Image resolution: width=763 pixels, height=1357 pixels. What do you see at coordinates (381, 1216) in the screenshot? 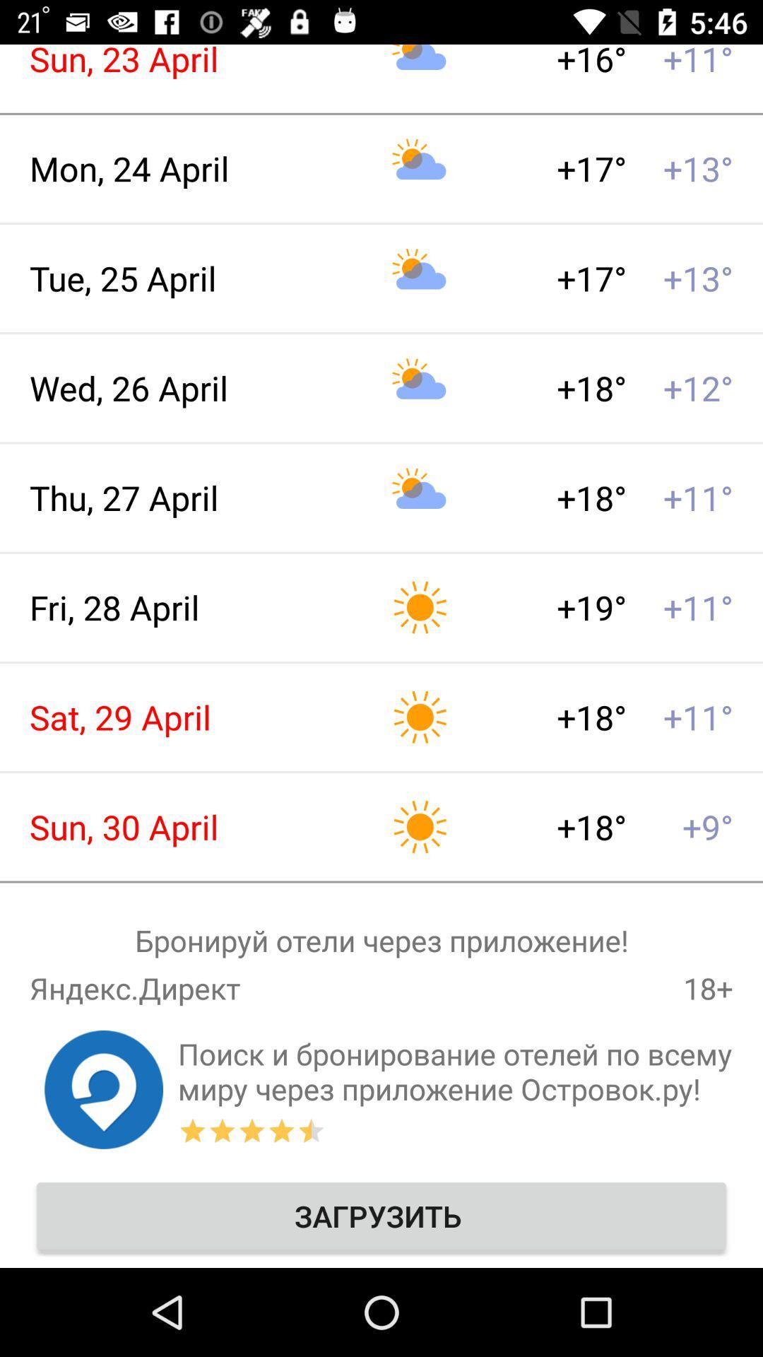
I see `the option which is at the bottom of the screen` at bounding box center [381, 1216].